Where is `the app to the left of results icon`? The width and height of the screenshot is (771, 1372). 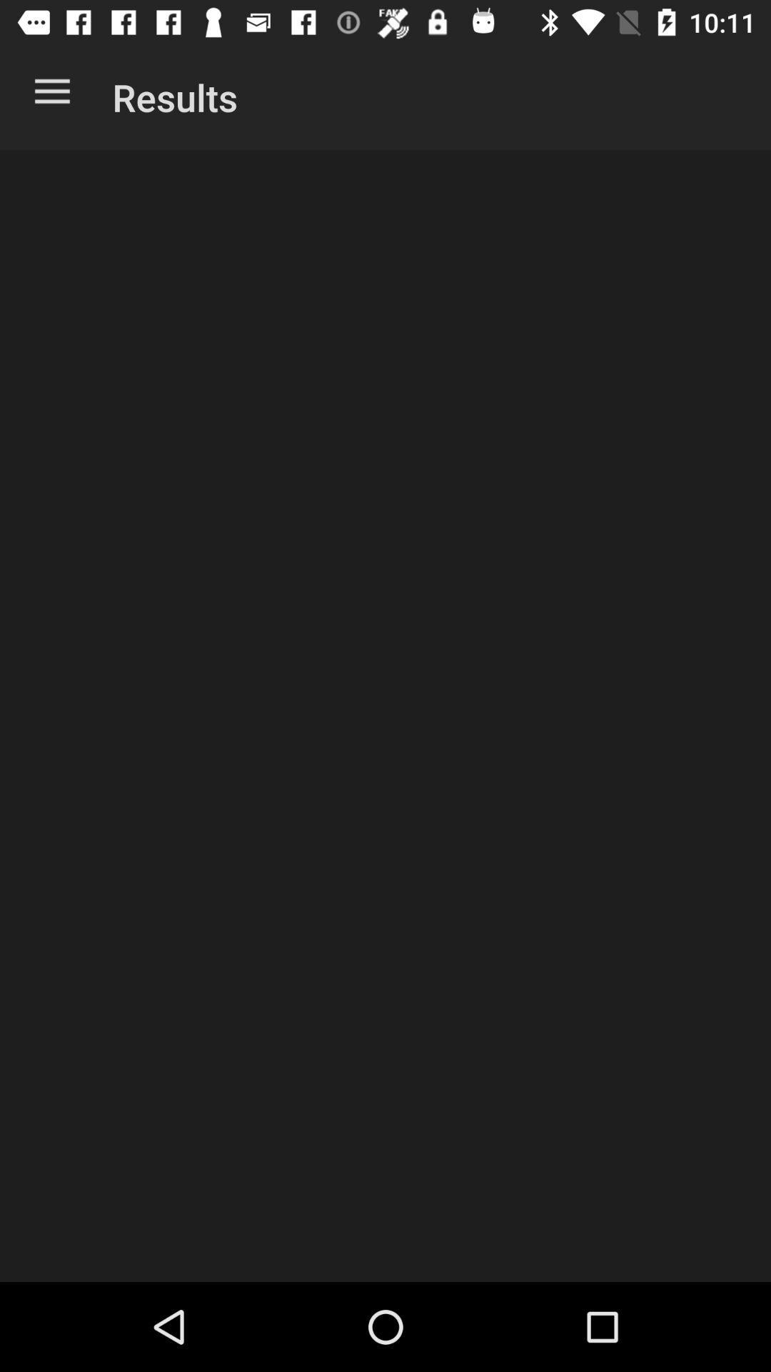
the app to the left of results icon is located at coordinates (51, 94).